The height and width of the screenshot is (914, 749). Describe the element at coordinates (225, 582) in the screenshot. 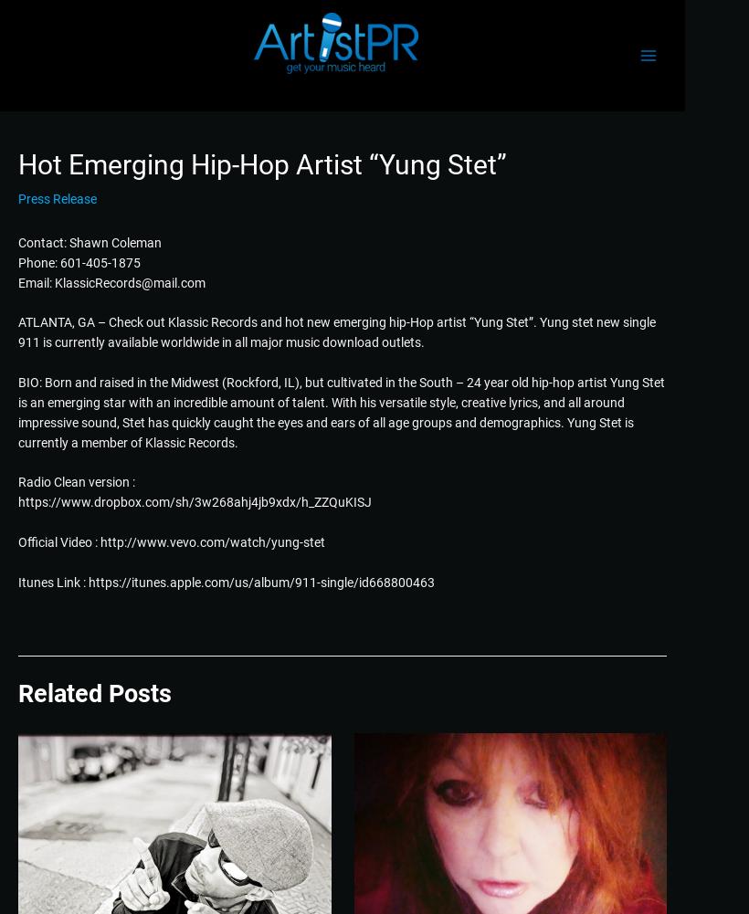

I see `'Itunes Link : https://itunes.apple.com/us/album/911-single/id668800463'` at that location.